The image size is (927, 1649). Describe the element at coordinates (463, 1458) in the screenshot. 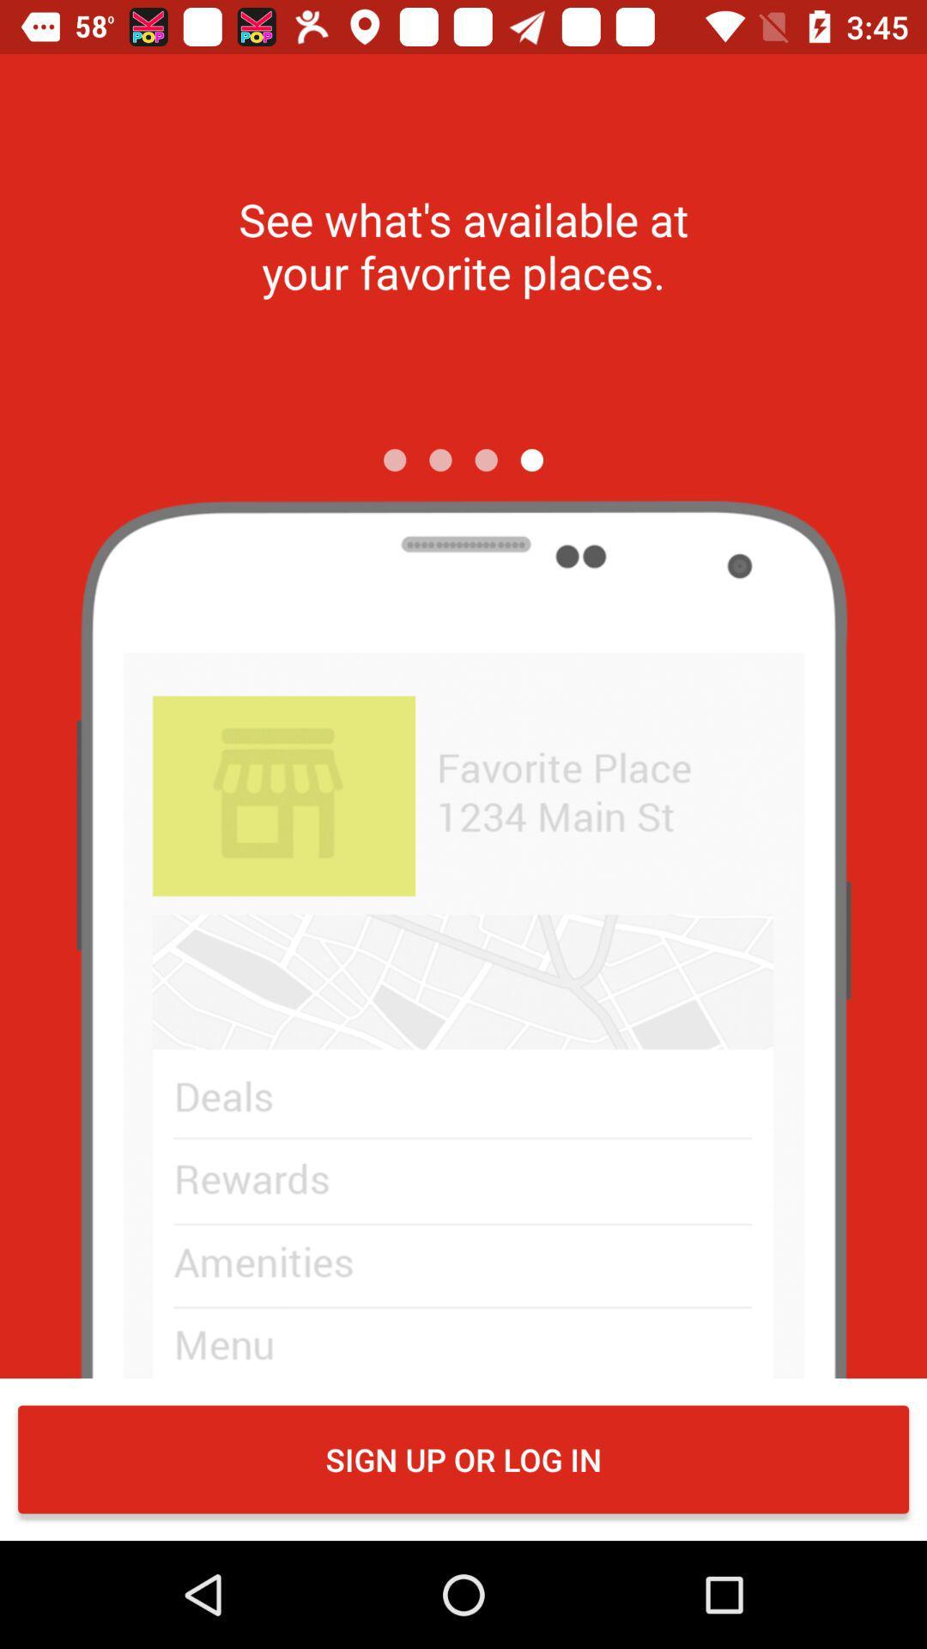

I see `the sign up or item` at that location.